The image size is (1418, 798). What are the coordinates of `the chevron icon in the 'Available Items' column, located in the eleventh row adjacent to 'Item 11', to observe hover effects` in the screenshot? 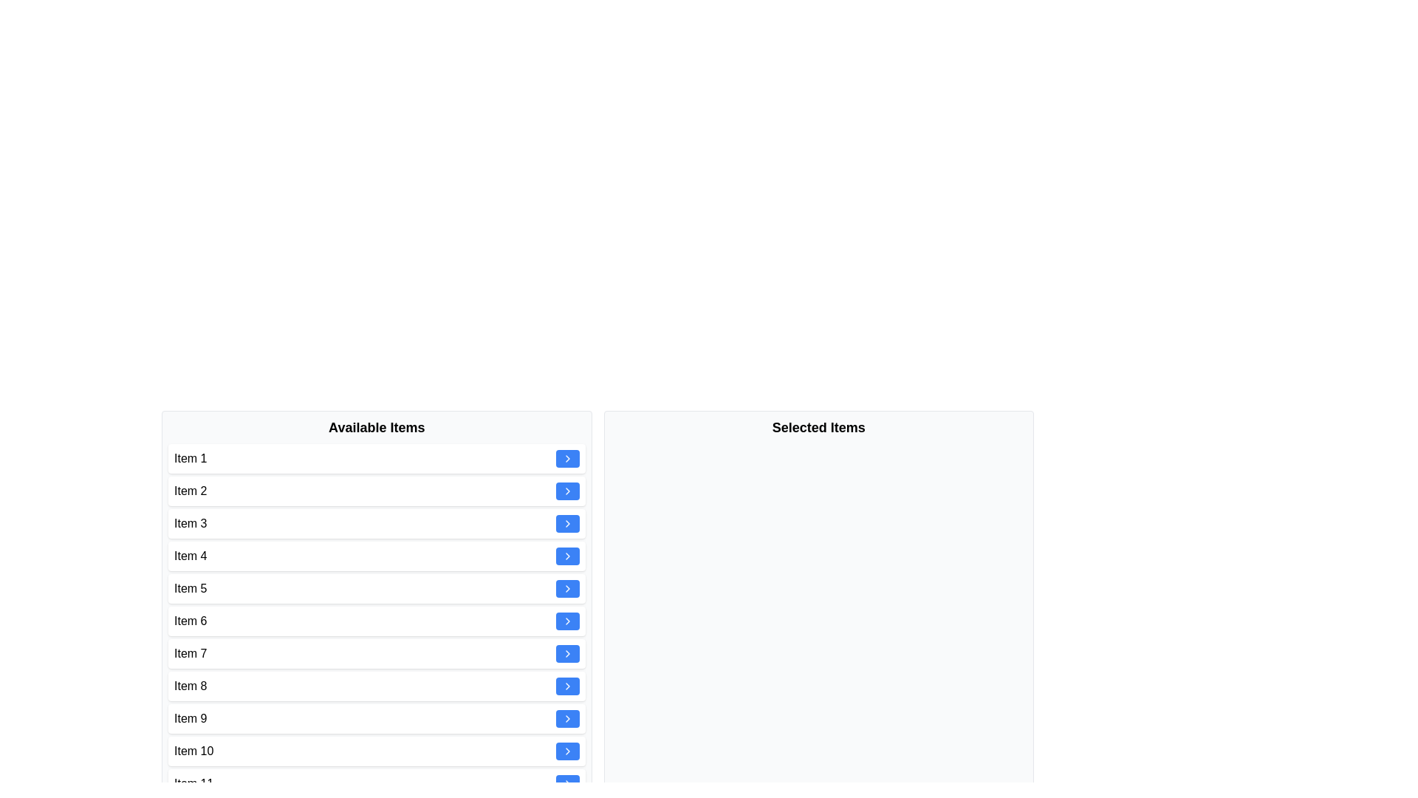 It's located at (566, 491).